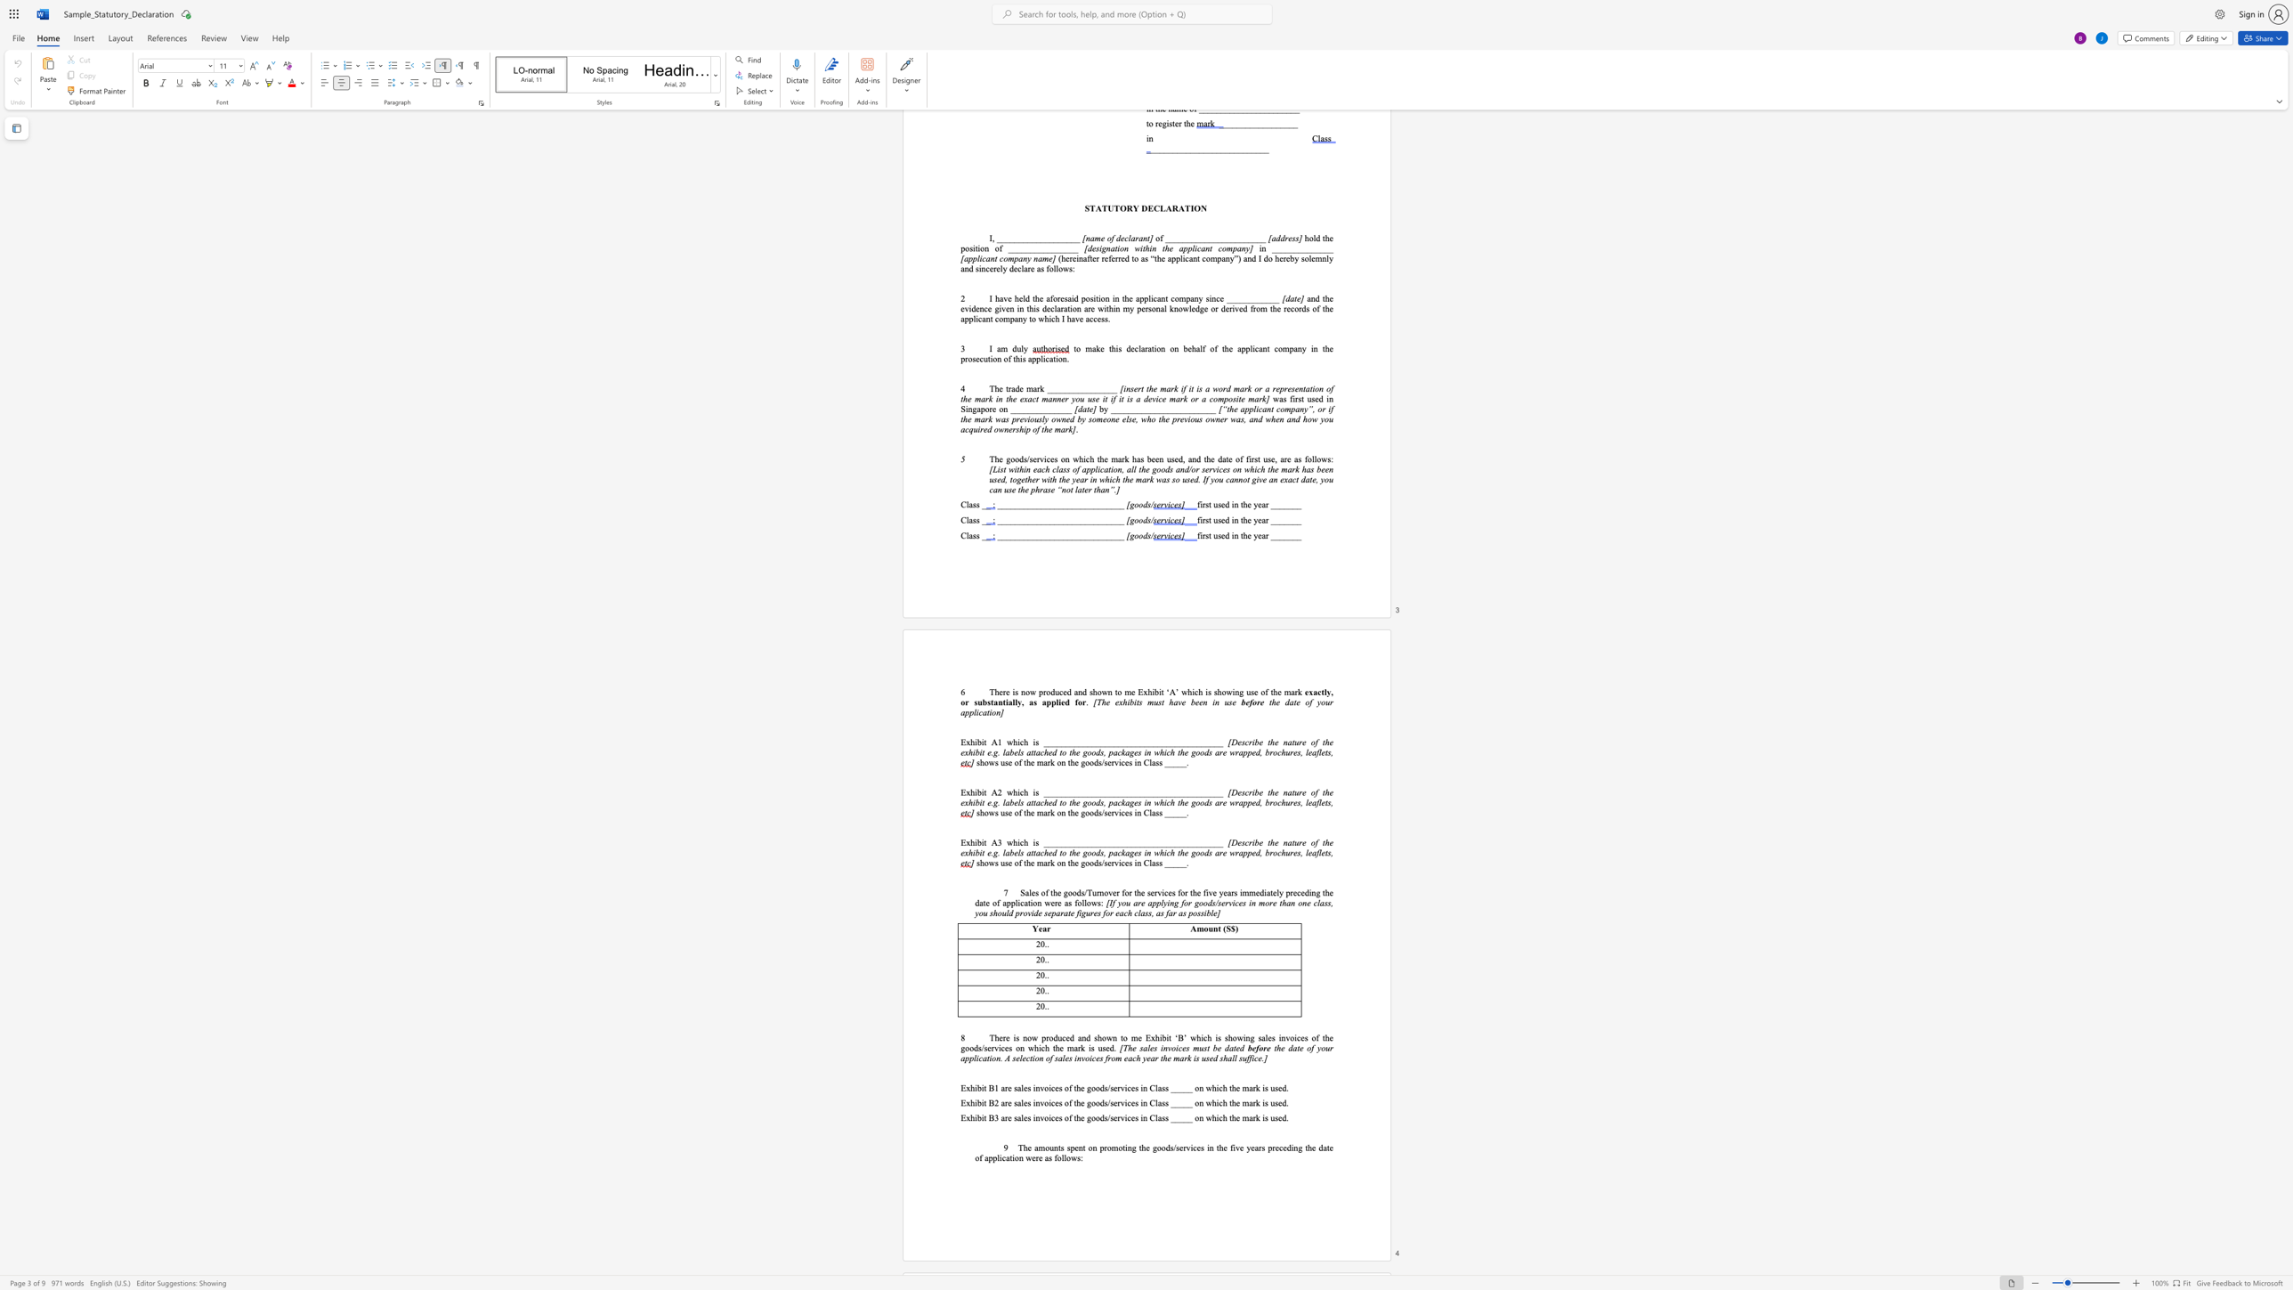 The width and height of the screenshot is (2293, 1290). What do you see at coordinates (1207, 928) in the screenshot?
I see `the subset text "unt (" within the text "Amount (S$)"` at bounding box center [1207, 928].